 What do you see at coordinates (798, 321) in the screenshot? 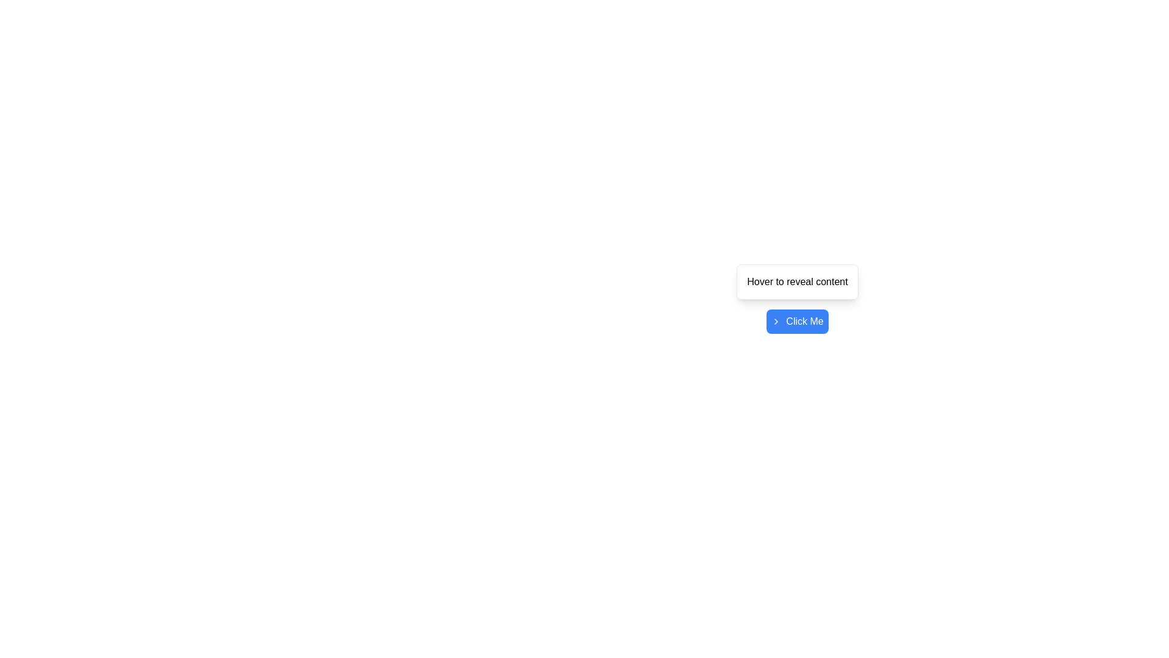
I see `the button located below the 'Hover` at bounding box center [798, 321].